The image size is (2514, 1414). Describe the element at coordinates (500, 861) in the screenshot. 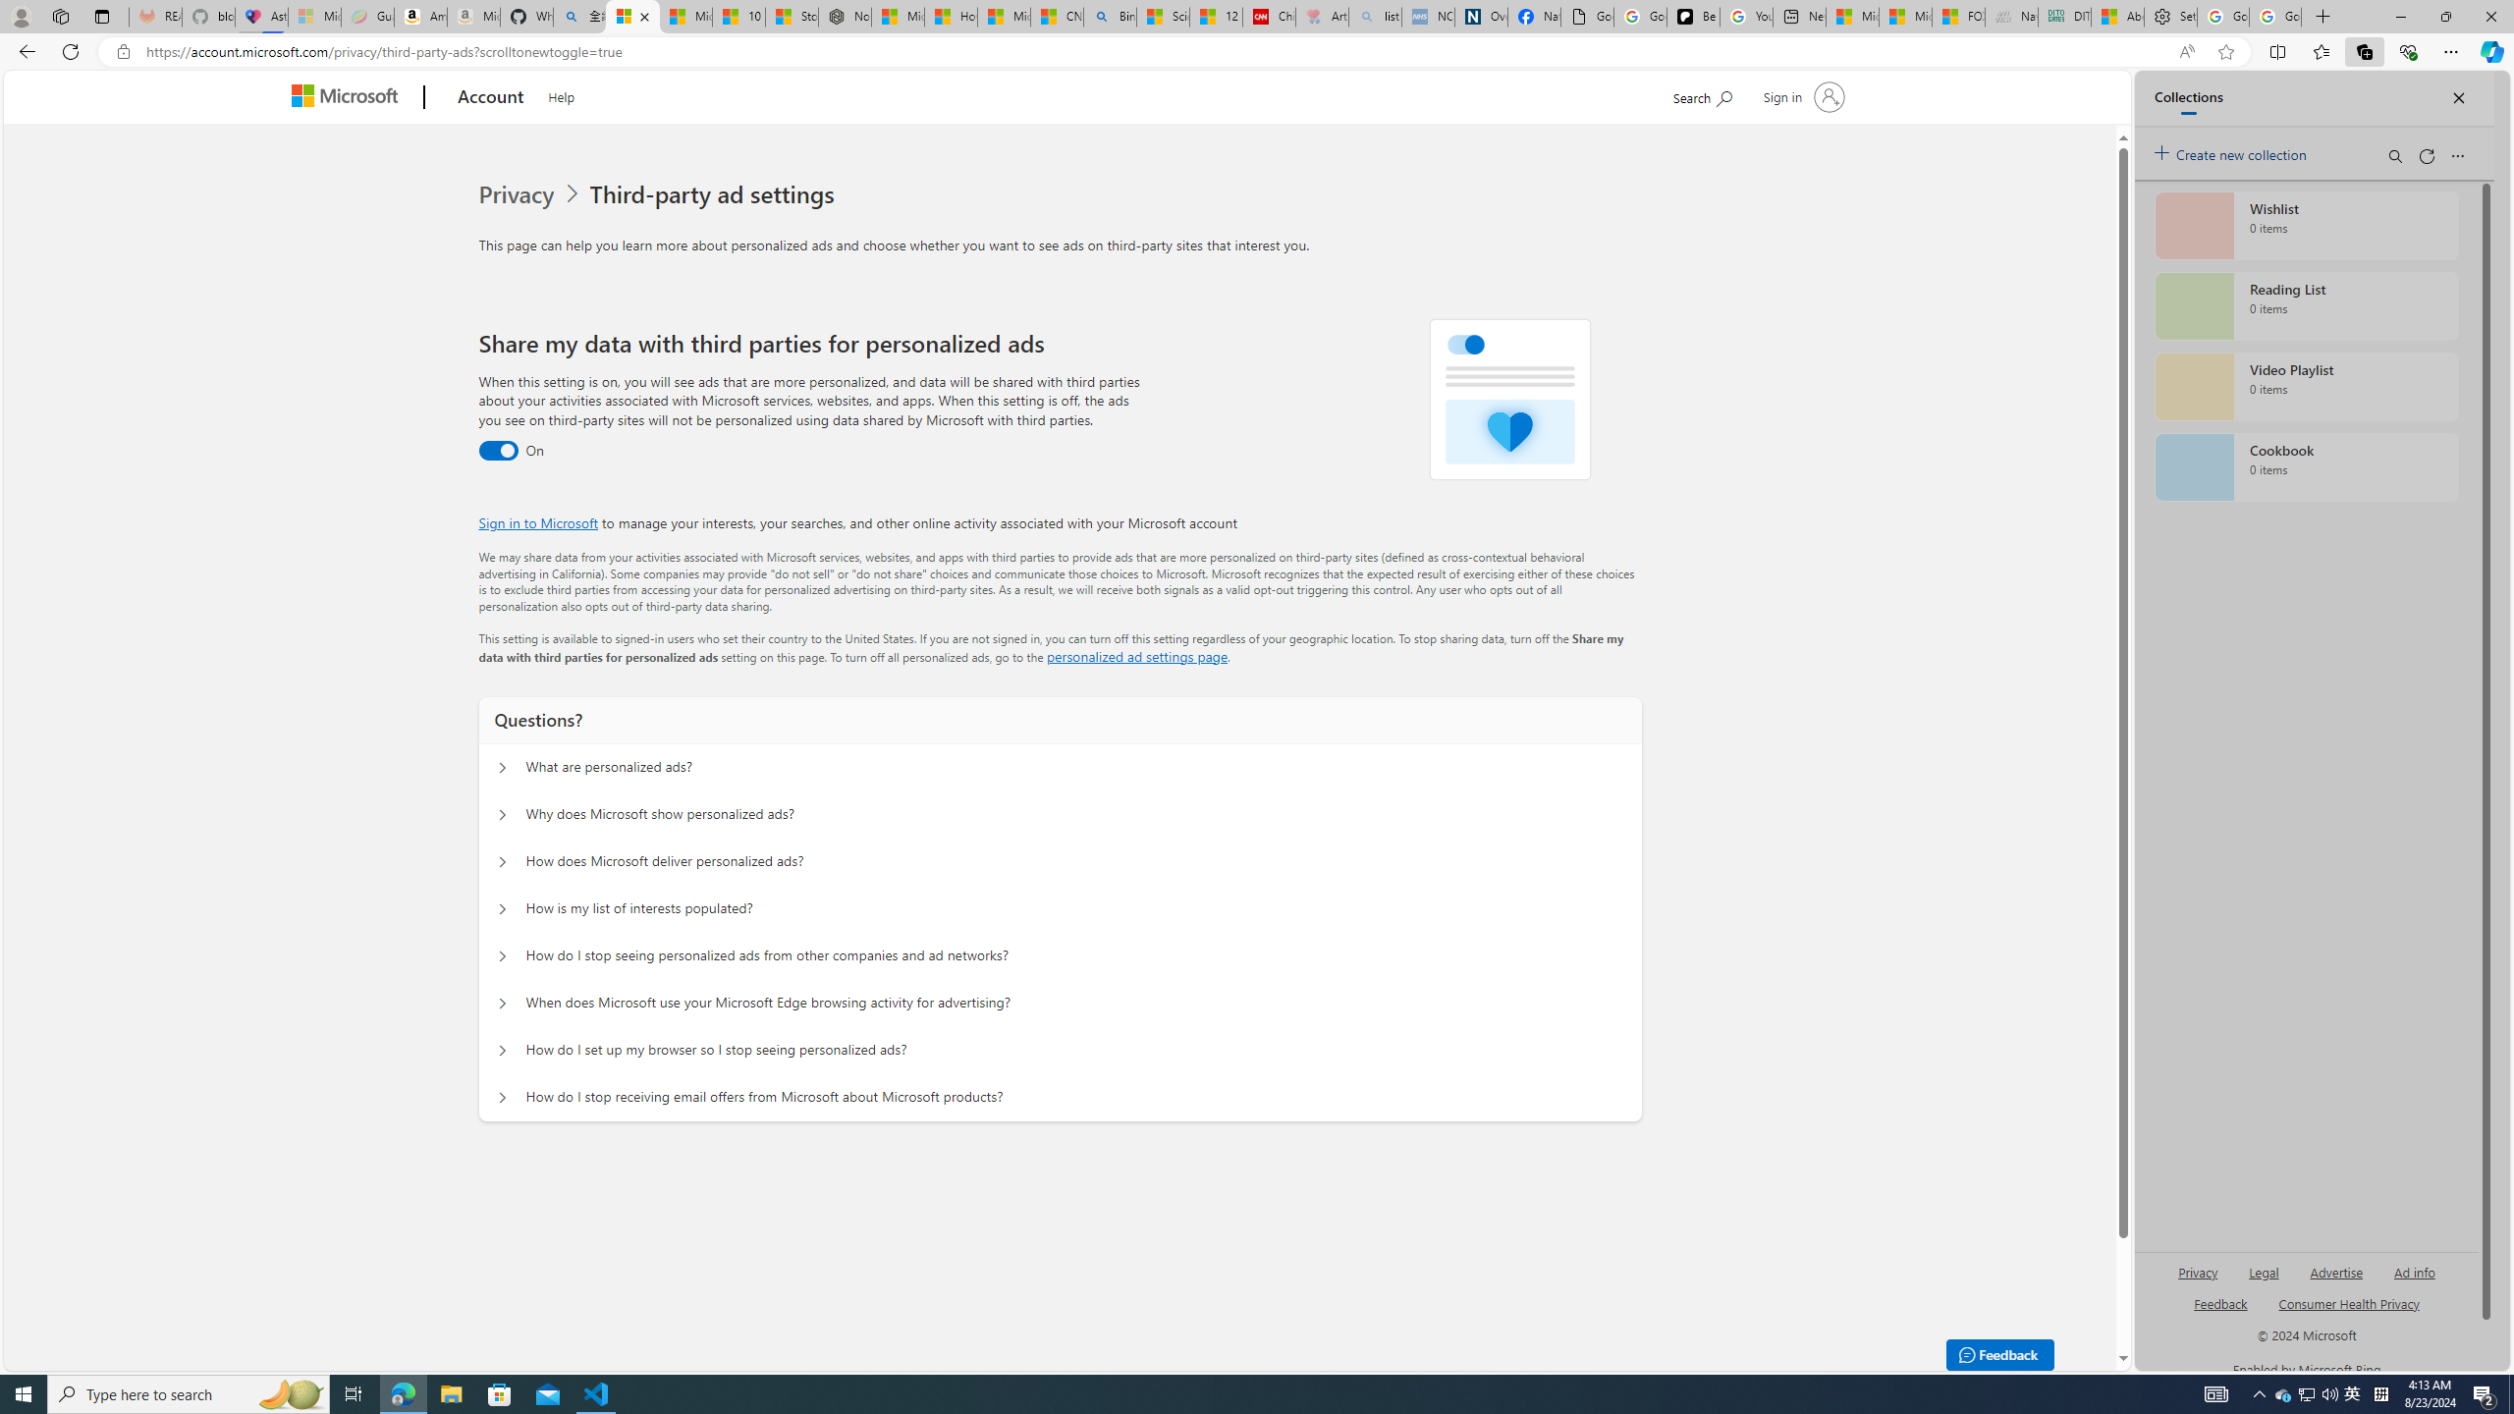

I see `'Questions? How does Microsoft deliver personalized ads?'` at that location.